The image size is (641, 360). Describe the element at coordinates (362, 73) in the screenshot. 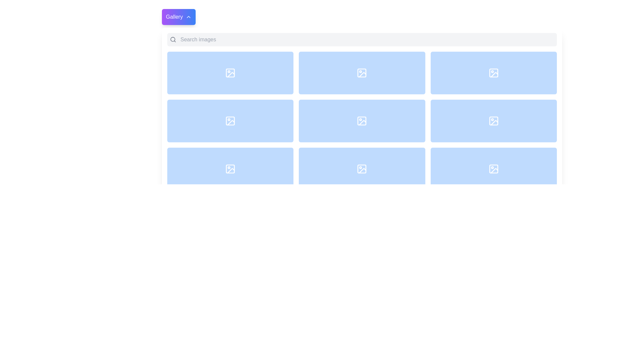

I see `the decorative or structural part of the icon located in the second row, third column of the grid layout` at that location.